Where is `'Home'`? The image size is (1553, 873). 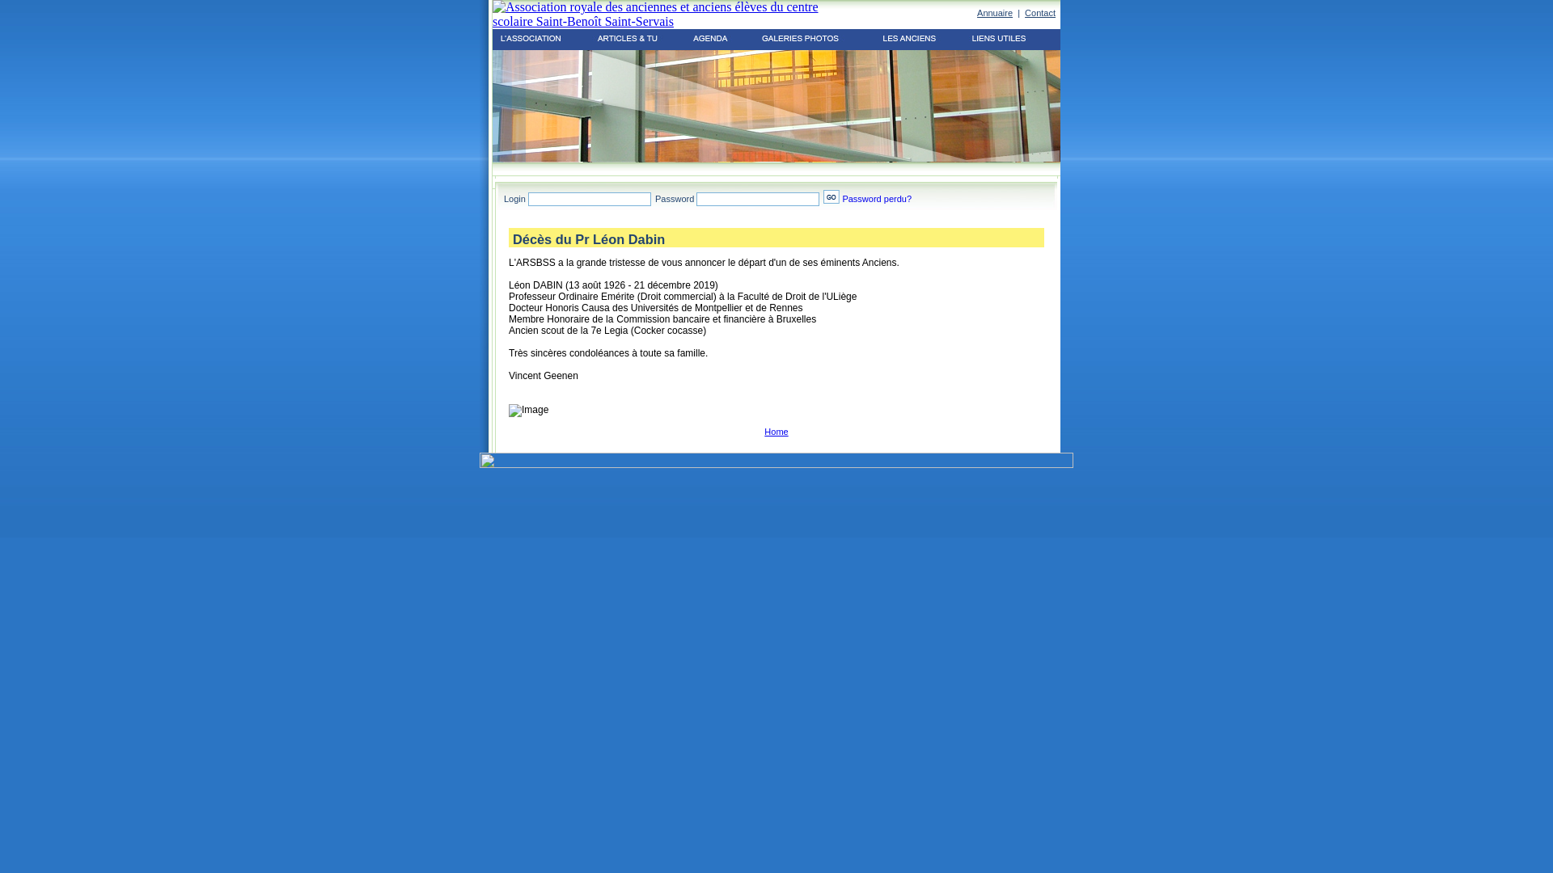 'Home' is located at coordinates (775, 430).